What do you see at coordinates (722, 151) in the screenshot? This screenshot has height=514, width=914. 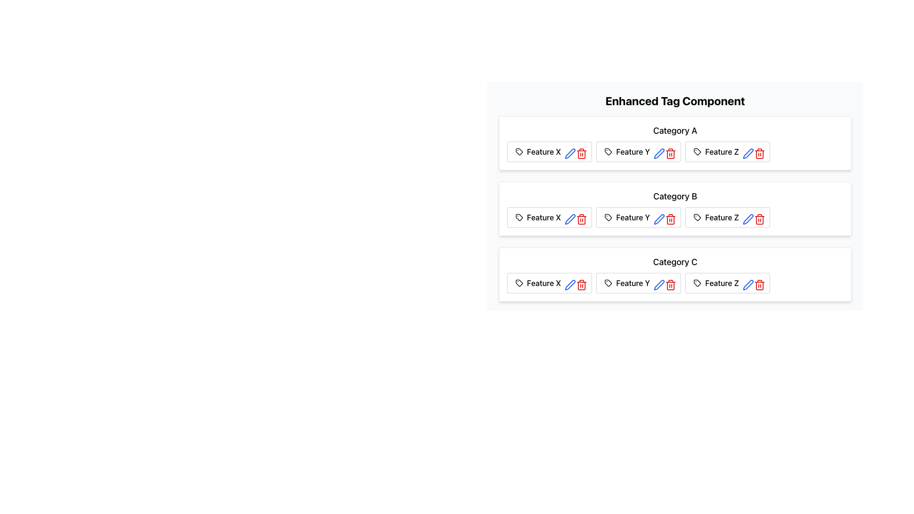 I see `the 'Feature Z' text label, which is displayed in black on a cyan background and is the third item in the horizontal arrangement under 'Category A'` at bounding box center [722, 151].